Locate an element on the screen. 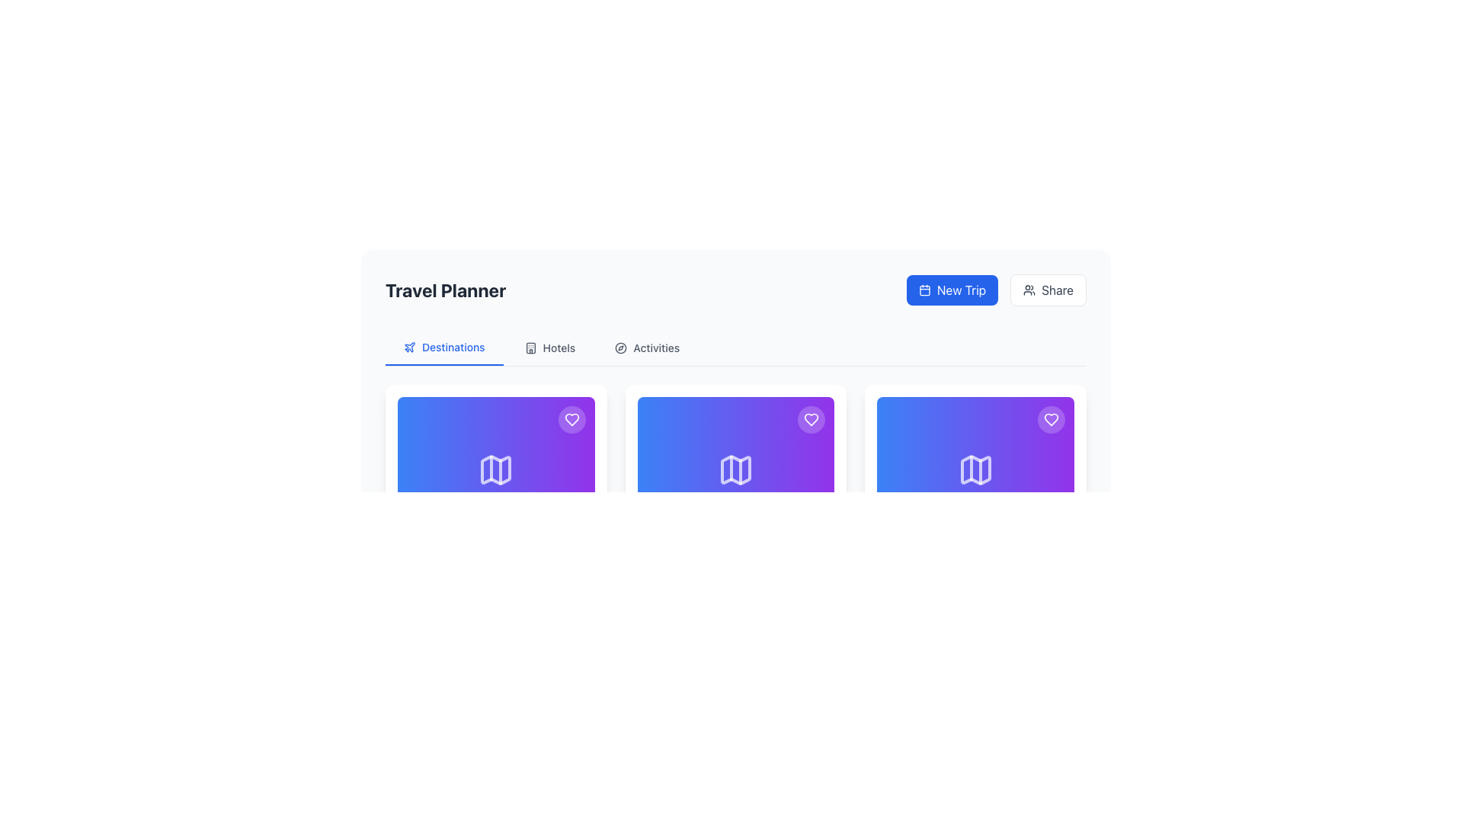 The height and width of the screenshot is (823, 1463). the blue text label 'Destinations' in the navigation tab is located at coordinates (453, 347).